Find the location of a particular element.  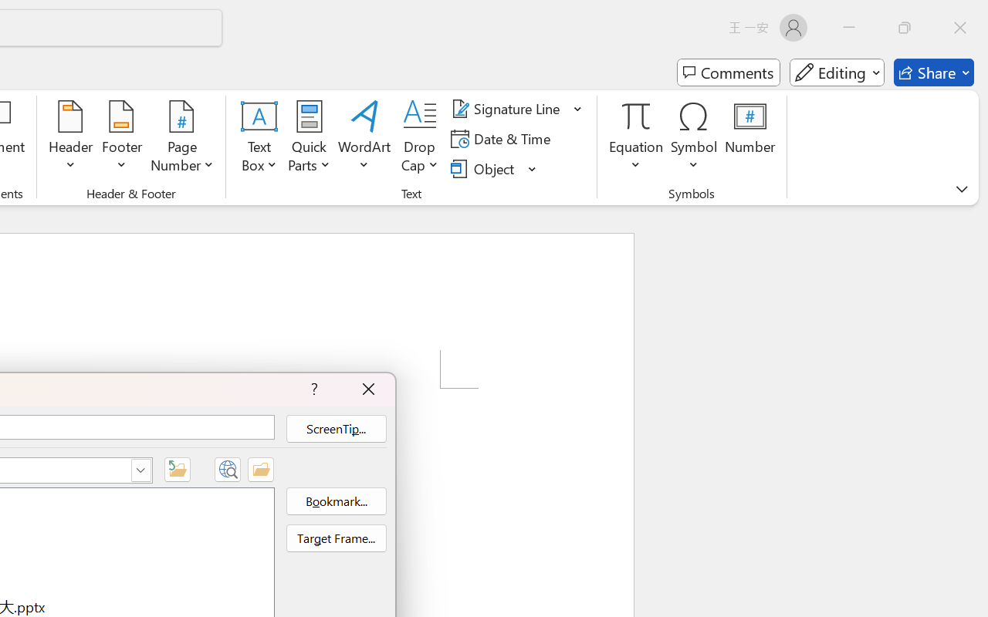

'Target Frame...' is located at coordinates (335, 538).